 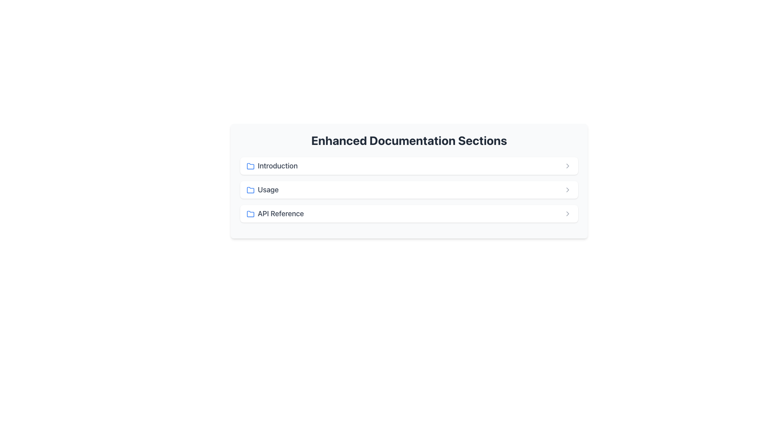 What do you see at coordinates (250, 166) in the screenshot?
I see `the 'Introduction' section icon, which is located to the left of the text 'Introduction' in the first row of the list under 'Enhanced Documentation Sections'` at bounding box center [250, 166].